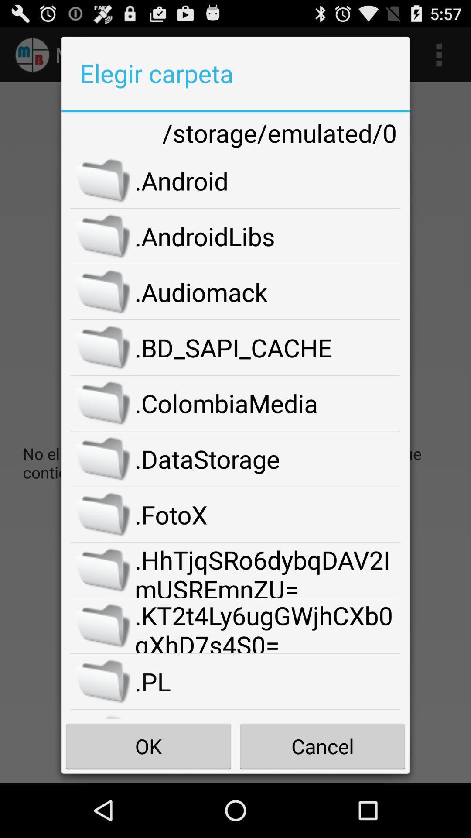  Describe the element at coordinates (267, 681) in the screenshot. I see `.pl icon` at that location.